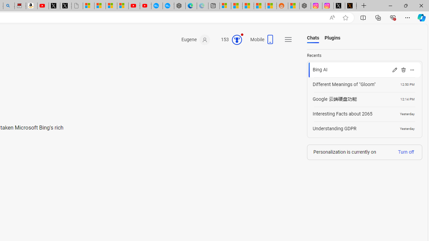 The image size is (429, 241). What do you see at coordinates (403, 70) in the screenshot?
I see `'Delete'` at bounding box center [403, 70].